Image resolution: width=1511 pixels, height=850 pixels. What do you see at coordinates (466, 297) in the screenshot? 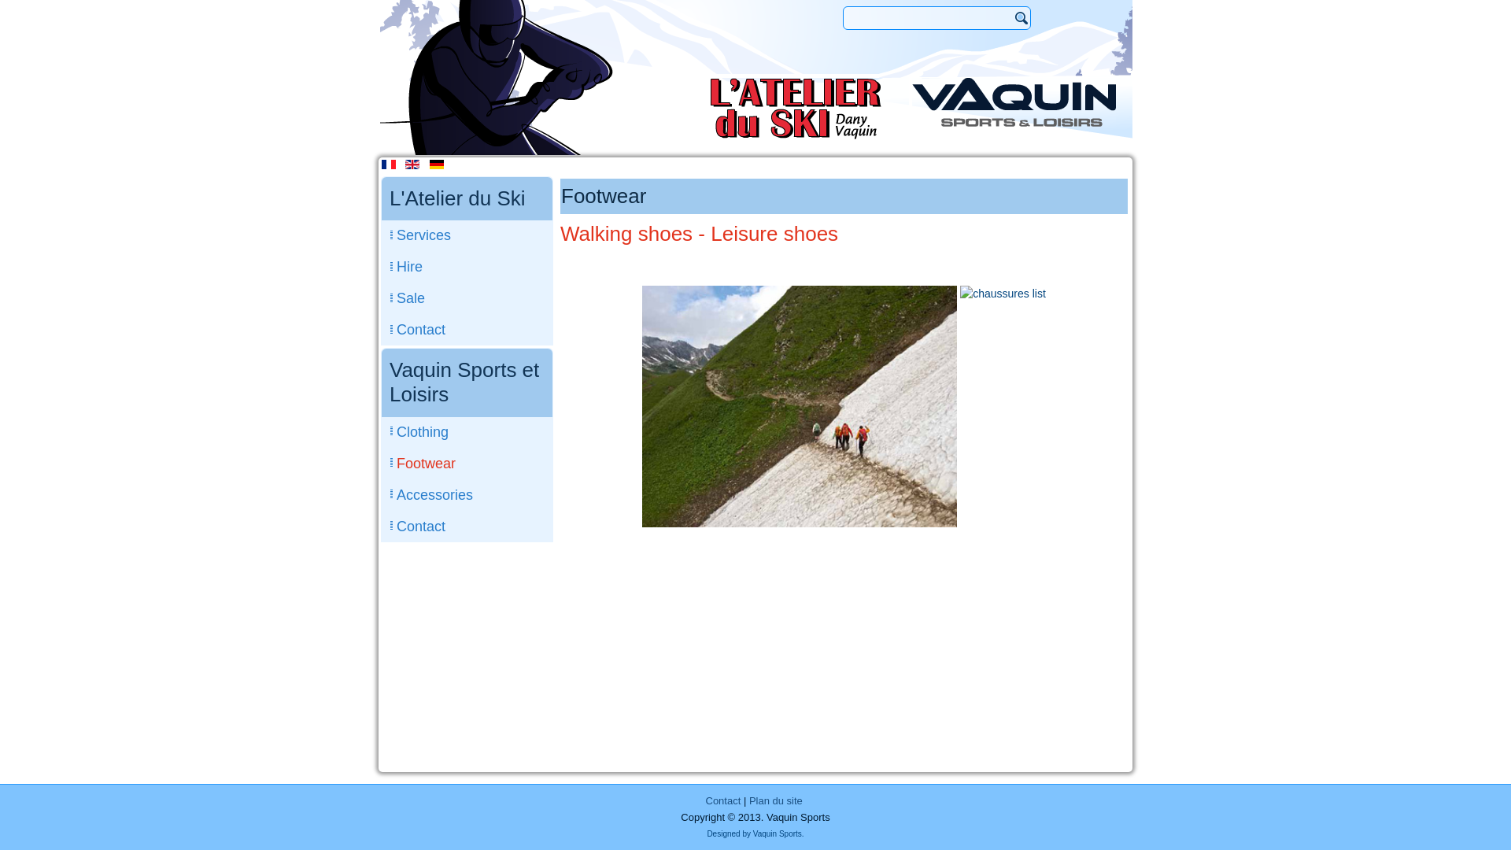
I see `'Sale'` at bounding box center [466, 297].